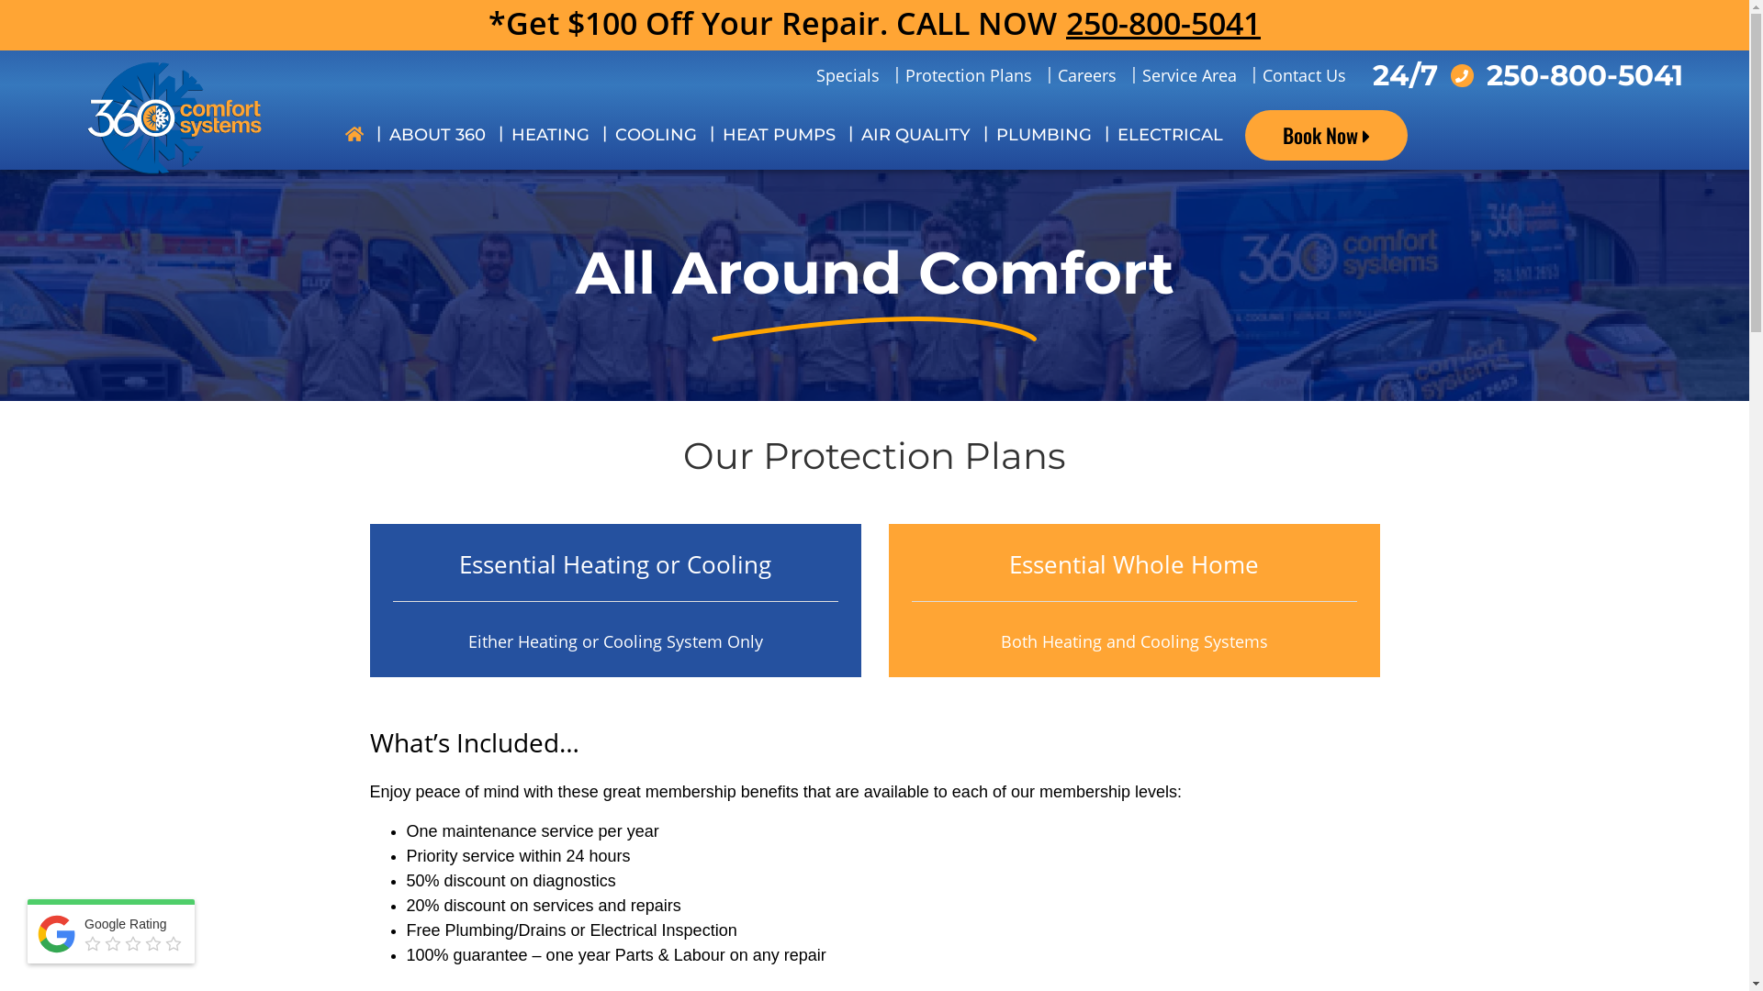 The image size is (1763, 991). Describe the element at coordinates (1066, 23) in the screenshot. I see `'250-800-5041'` at that location.